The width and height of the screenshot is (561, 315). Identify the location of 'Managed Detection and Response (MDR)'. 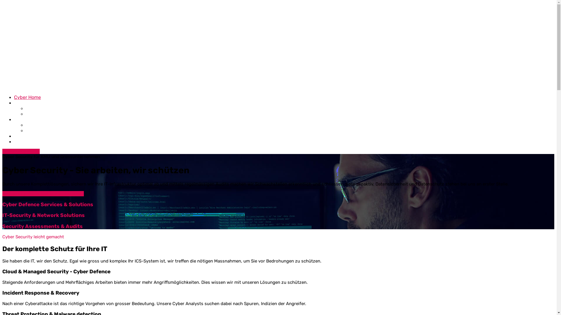
(70, 130).